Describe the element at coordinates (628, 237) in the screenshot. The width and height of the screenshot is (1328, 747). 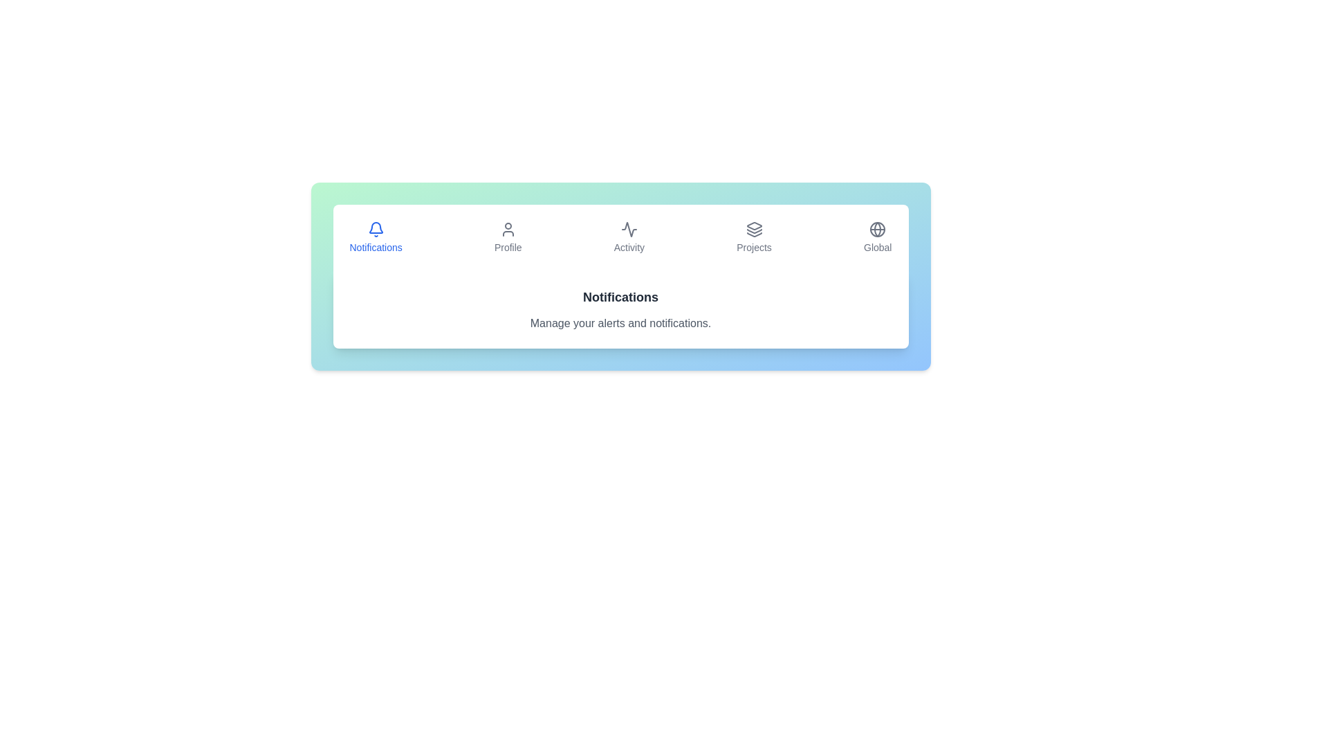
I see `the Activity tab by clicking on its button` at that location.